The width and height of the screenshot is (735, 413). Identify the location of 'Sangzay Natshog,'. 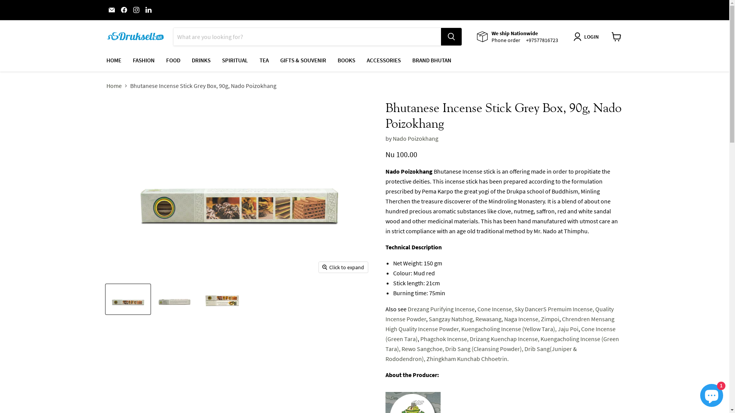
(451, 319).